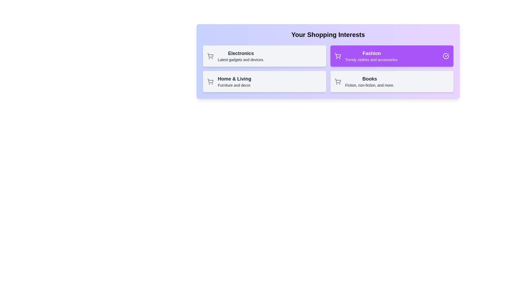  What do you see at coordinates (337, 56) in the screenshot?
I see `the icon for the category Fashion to toggle its state` at bounding box center [337, 56].